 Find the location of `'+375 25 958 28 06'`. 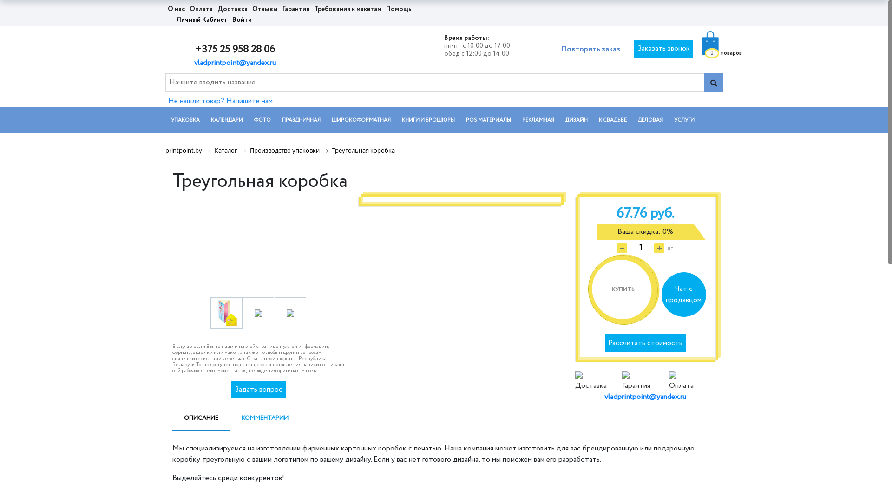

'+375 25 958 28 06' is located at coordinates (235, 50).